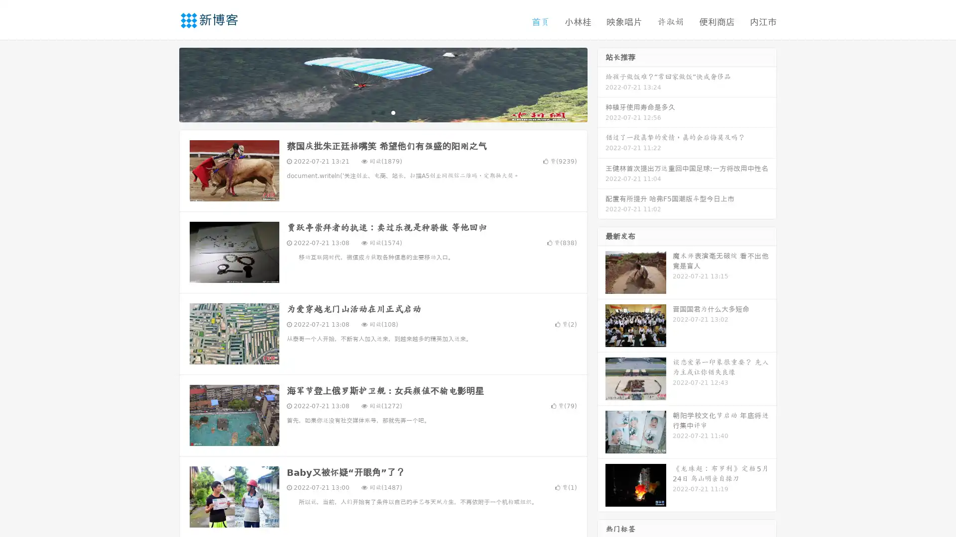 This screenshot has height=537, width=956. I want to click on Previous slide, so click(164, 84).